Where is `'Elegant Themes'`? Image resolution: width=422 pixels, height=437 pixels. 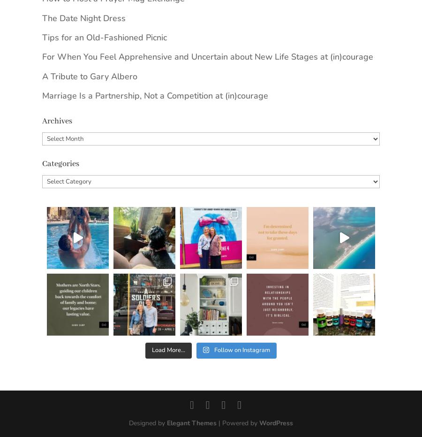 'Elegant Themes' is located at coordinates (191, 423).